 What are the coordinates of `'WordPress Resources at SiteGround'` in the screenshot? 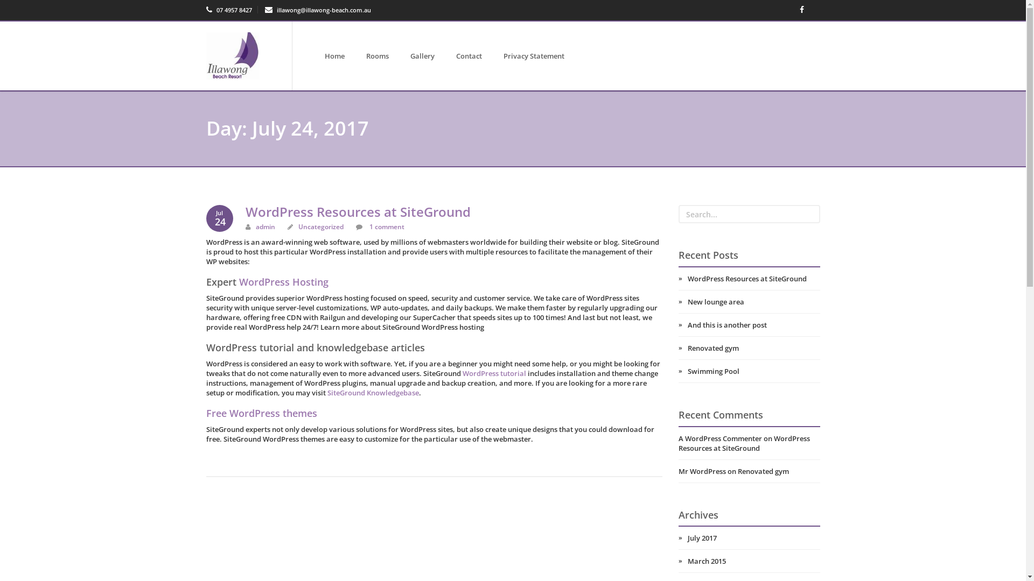 It's located at (749, 278).